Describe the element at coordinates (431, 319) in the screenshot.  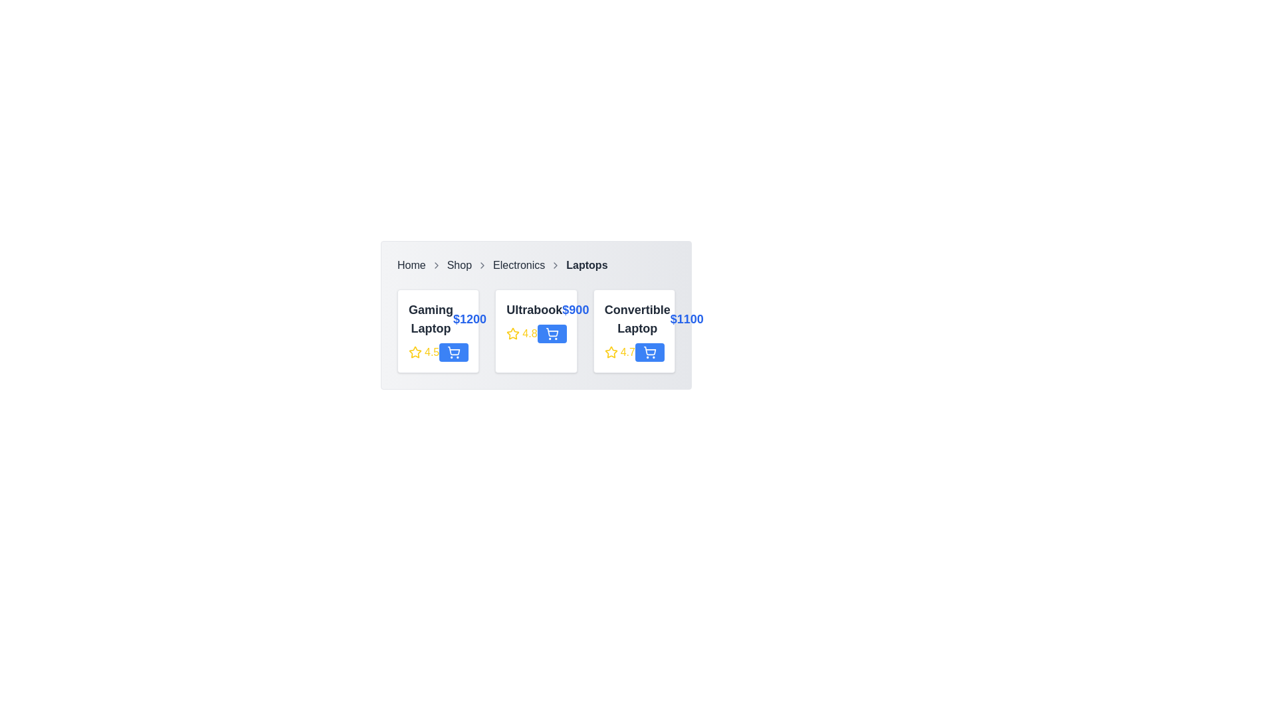
I see `the text label displaying 'Gaming Laptop' in bold, large font, which is part of a product card and positioned above a price tag` at that location.